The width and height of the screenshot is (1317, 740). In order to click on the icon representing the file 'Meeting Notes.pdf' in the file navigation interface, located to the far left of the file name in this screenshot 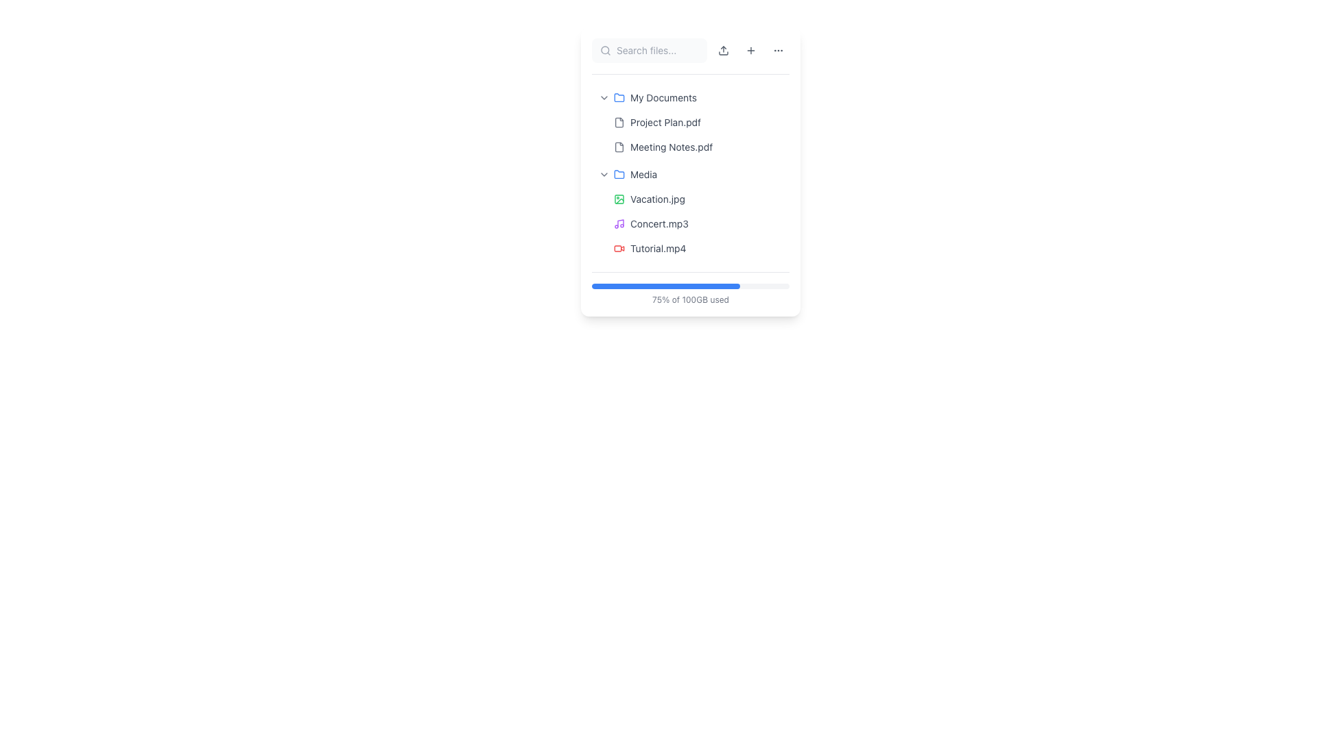, I will do `click(618, 147)`.